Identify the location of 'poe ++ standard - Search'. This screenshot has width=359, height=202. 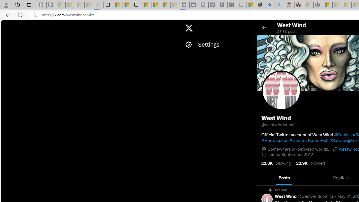
(280, 5).